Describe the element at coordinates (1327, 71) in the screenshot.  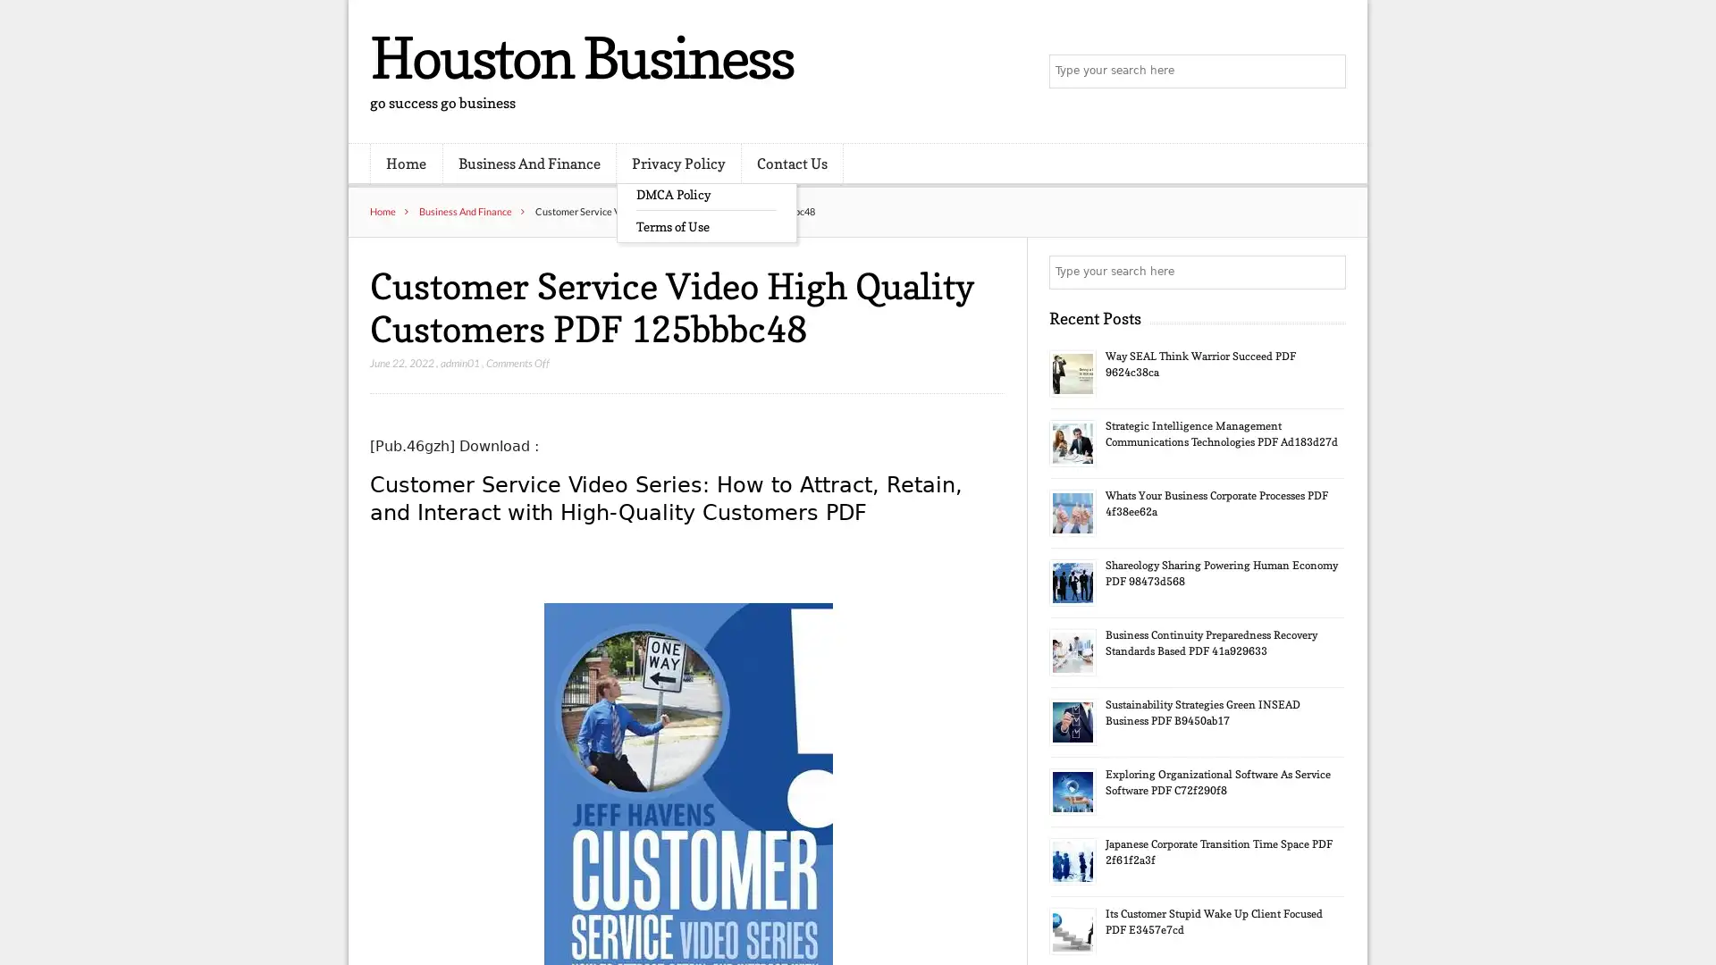
I see `Search` at that location.